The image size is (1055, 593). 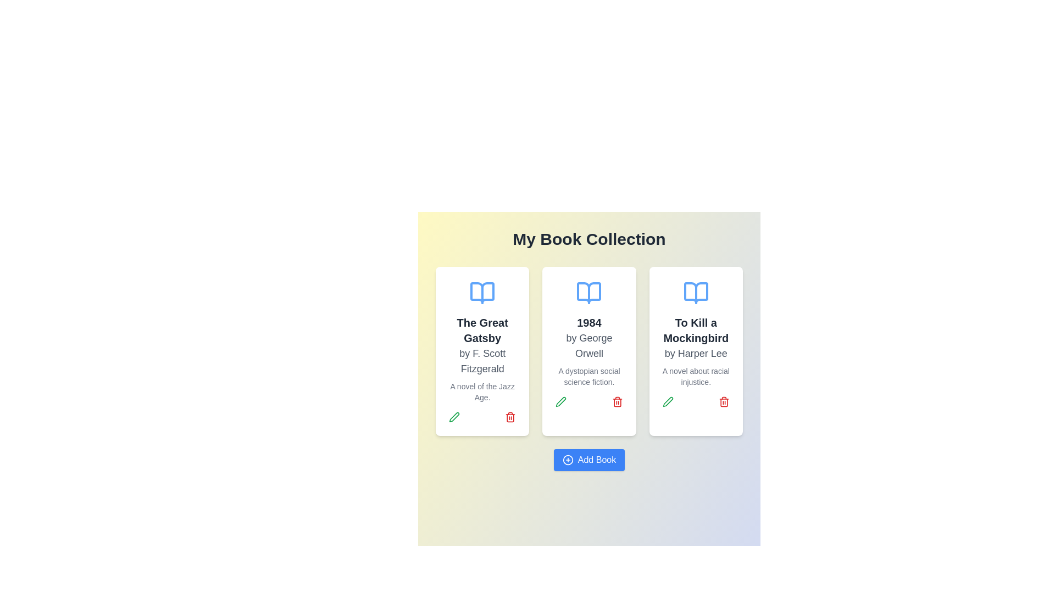 I want to click on the blue rectangular button labeled 'Add Book' with a plus icon, so click(x=588, y=460).